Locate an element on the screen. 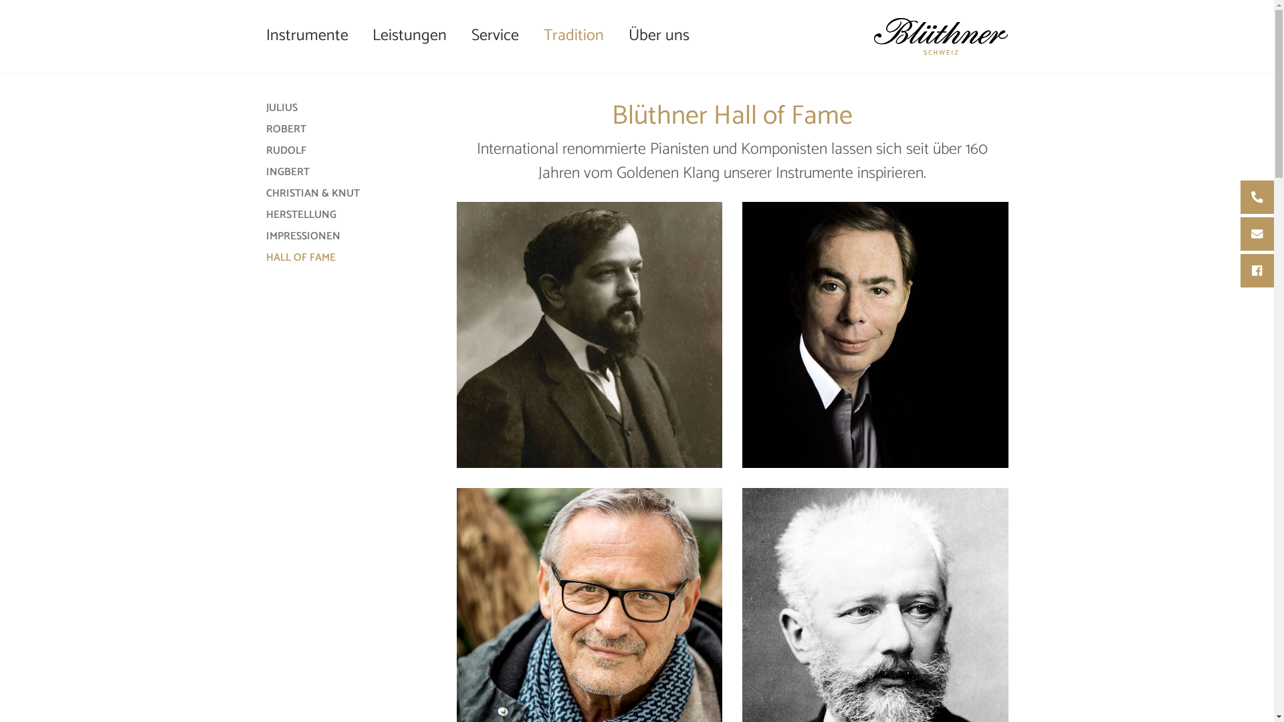 This screenshot has height=722, width=1284. 'Instrumente' is located at coordinates (312, 35).